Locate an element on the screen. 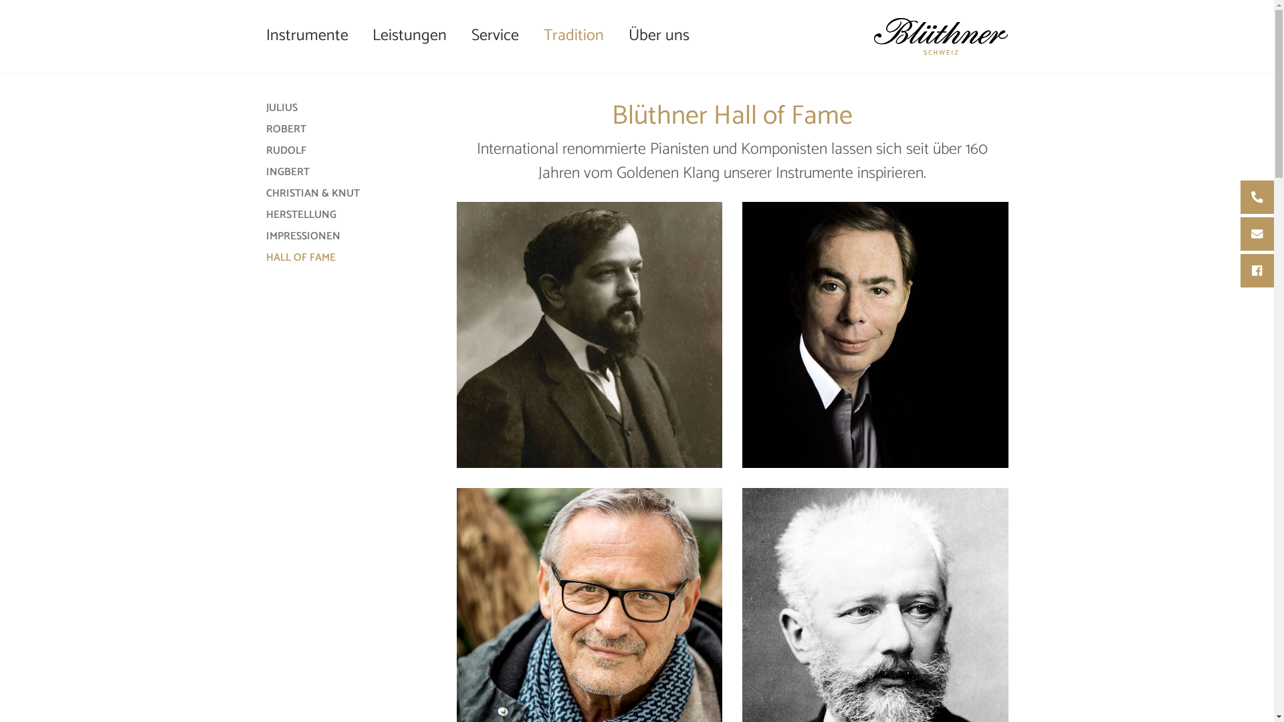 This screenshot has height=722, width=1284. 'Instrumente' is located at coordinates (312, 35).